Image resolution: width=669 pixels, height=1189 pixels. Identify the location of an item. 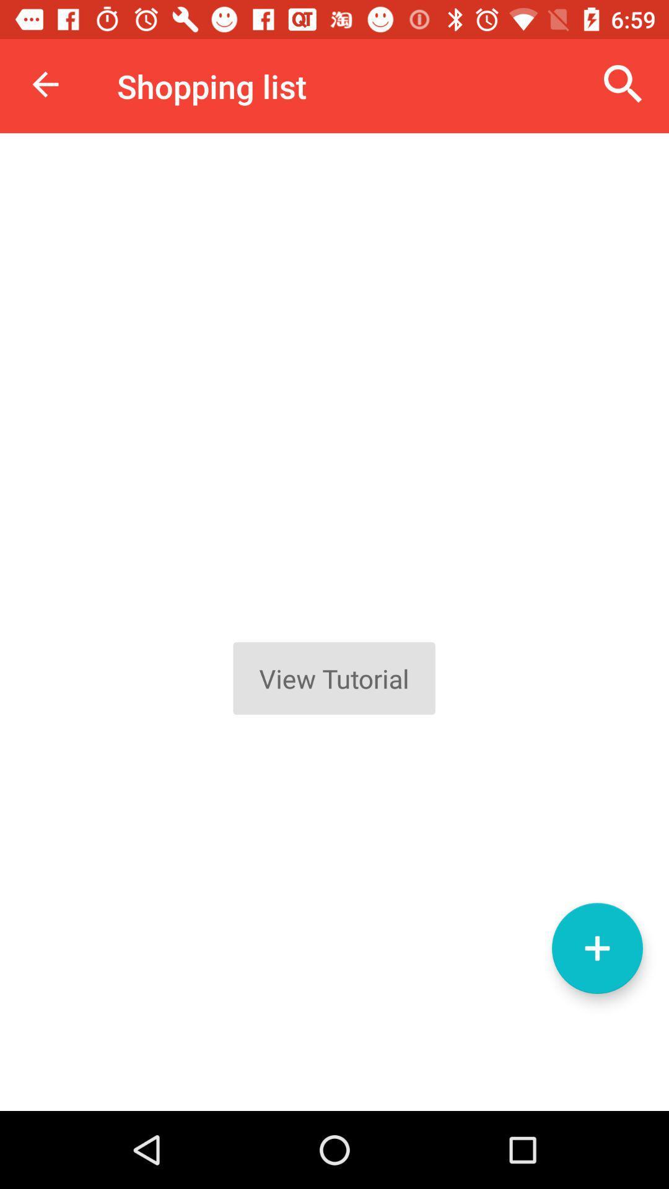
(597, 947).